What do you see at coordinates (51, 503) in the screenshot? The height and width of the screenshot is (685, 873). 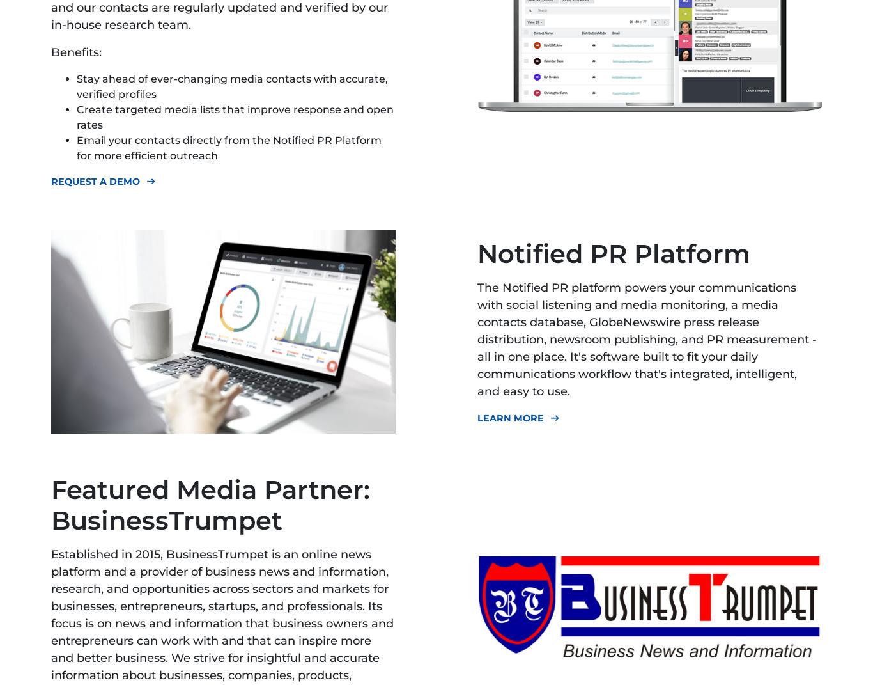 I see `'Featured Media Partner: BusinessTrumpet'` at bounding box center [51, 503].